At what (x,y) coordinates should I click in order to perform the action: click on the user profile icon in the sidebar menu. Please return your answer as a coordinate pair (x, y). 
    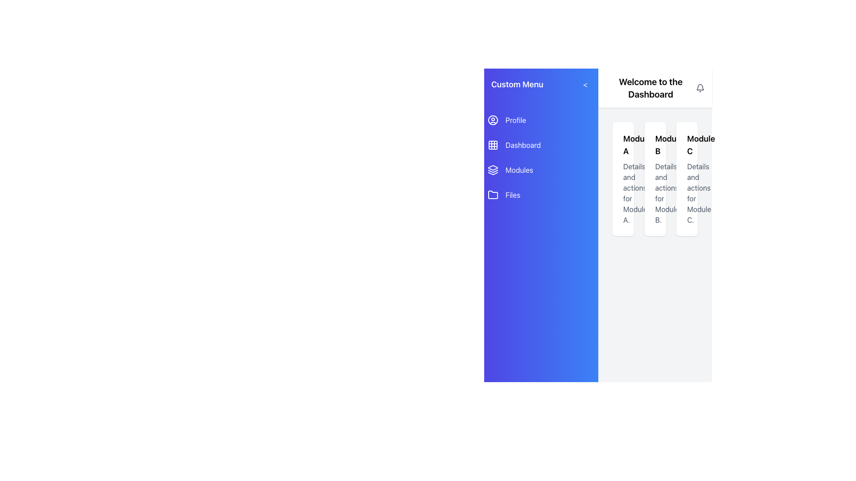
    Looking at the image, I should click on (492, 120).